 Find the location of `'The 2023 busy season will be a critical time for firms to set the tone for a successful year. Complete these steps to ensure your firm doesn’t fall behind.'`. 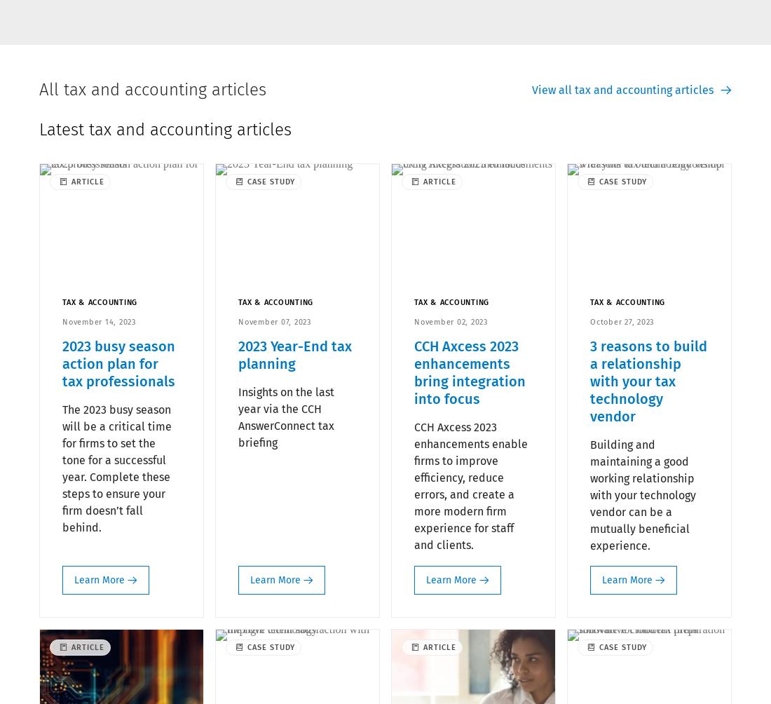

'The 2023 busy season will be a critical time for firms to set the tone for a successful year. Complete these steps to ensure your firm doesn’t fall behind.' is located at coordinates (116, 467).